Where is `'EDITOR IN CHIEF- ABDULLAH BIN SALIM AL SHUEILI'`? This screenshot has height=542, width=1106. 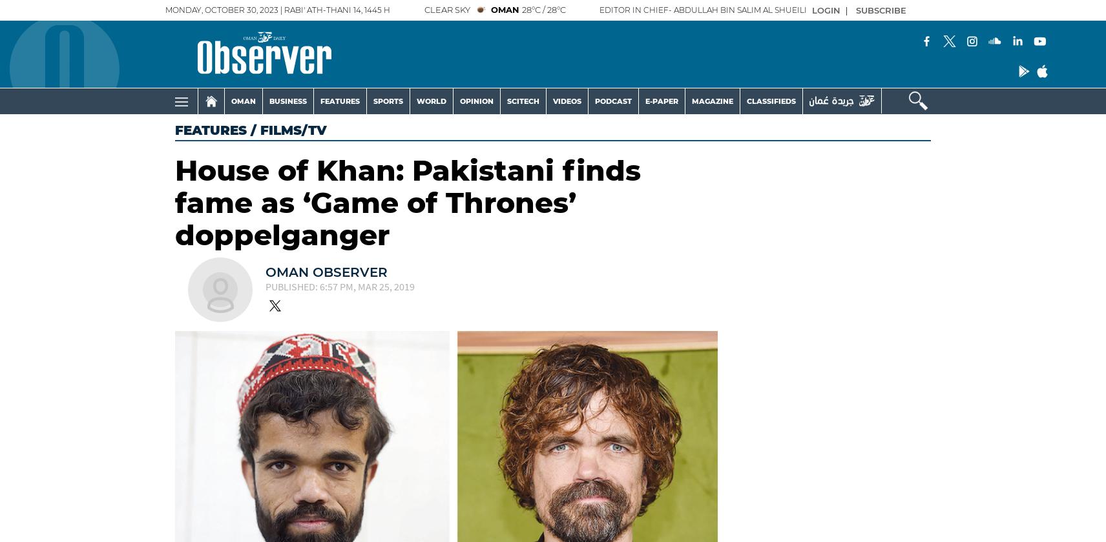
'EDITOR IN CHIEF- ABDULLAH BIN SALIM AL SHUEILI' is located at coordinates (703, 10).